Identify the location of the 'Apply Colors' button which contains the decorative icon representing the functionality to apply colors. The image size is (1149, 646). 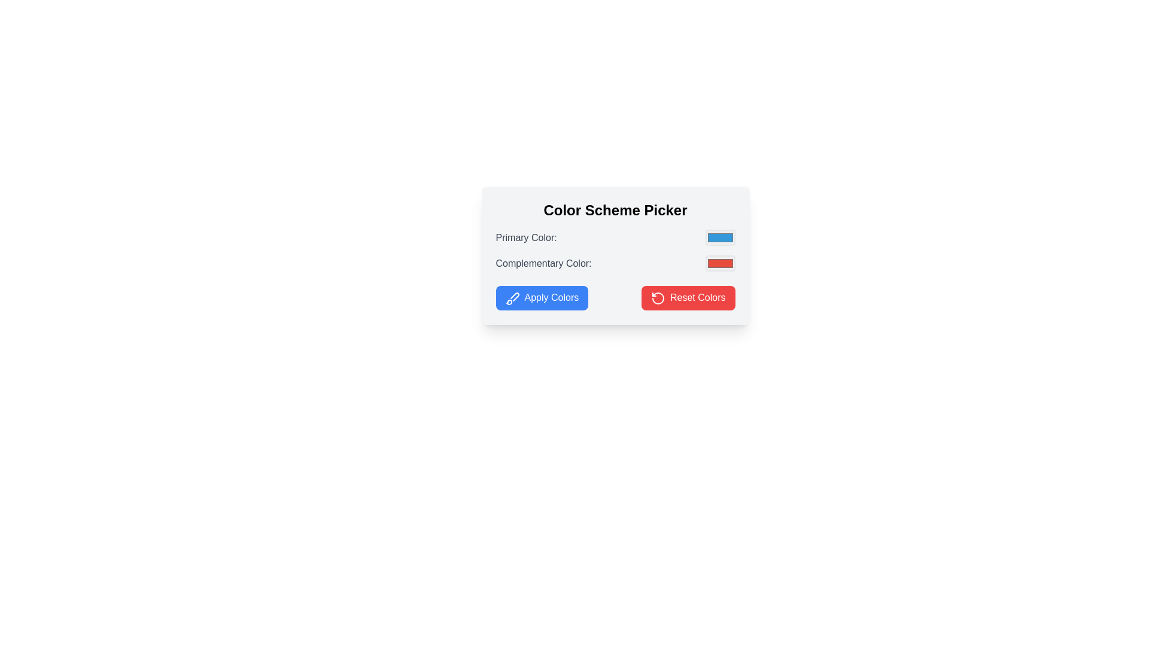
(512, 297).